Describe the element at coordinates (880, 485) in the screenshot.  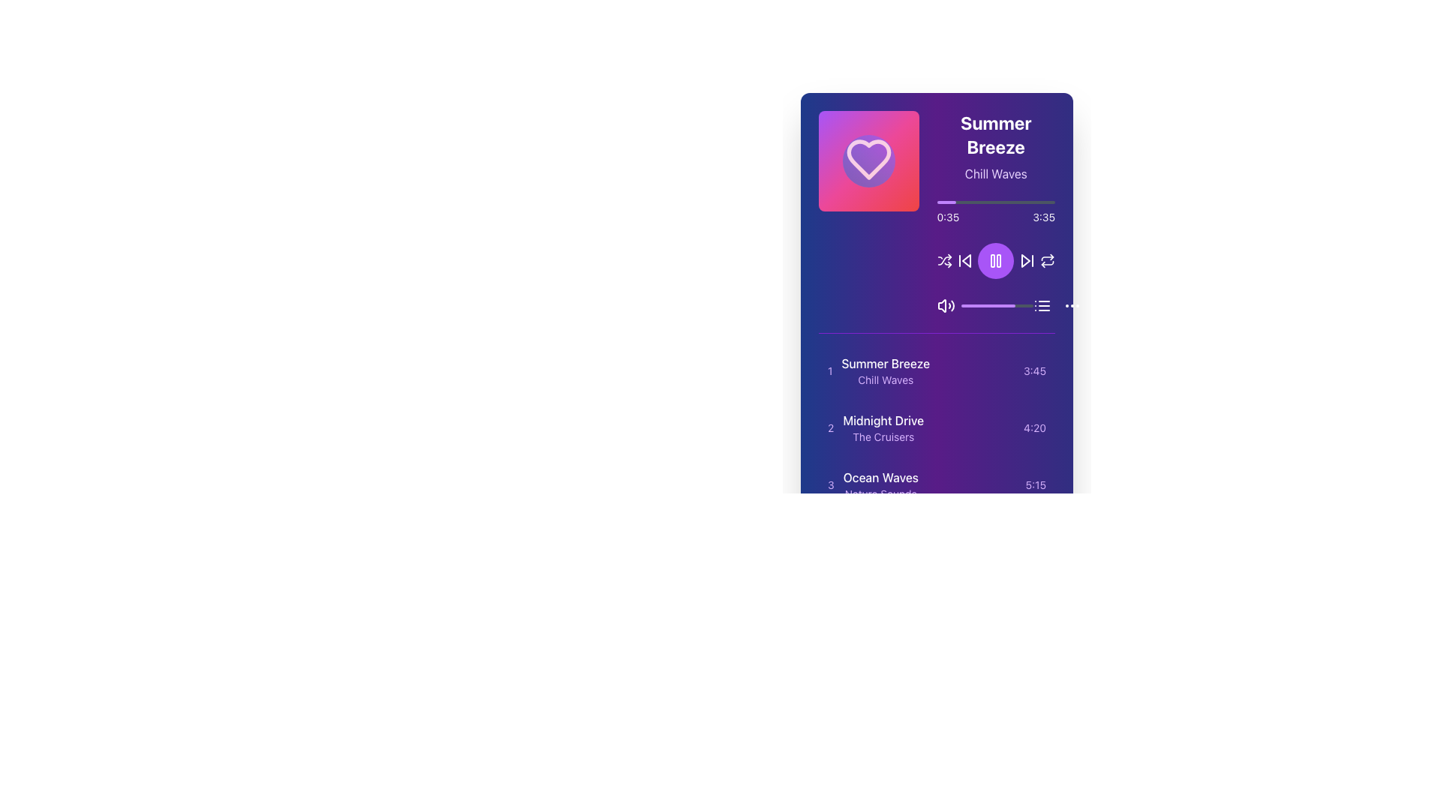
I see `the text display of the third entry in the media playlist, which provides the title and category of the item, positioned below 'Summer Breeze' and 'Midnight Drive'` at that location.